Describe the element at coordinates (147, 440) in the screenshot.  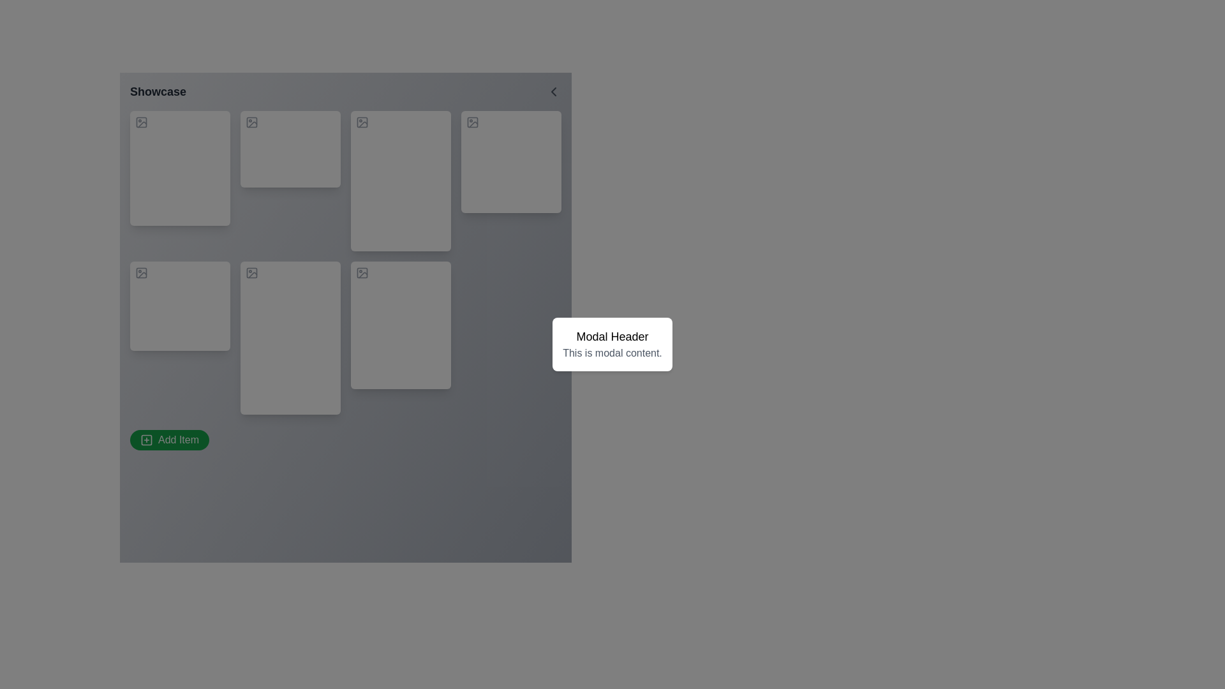
I see `the add item icon located within the green 'Add Item' button at the bottom-left corner of the interface` at that location.